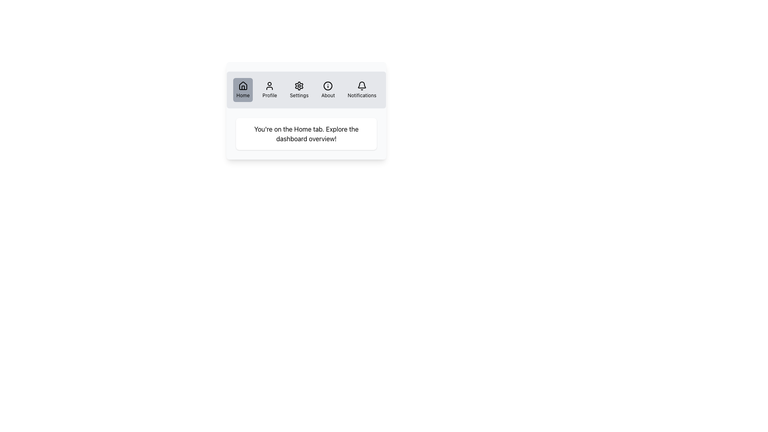  Describe the element at coordinates (299, 86) in the screenshot. I see `the gear icon resembling a settings symbol` at that location.